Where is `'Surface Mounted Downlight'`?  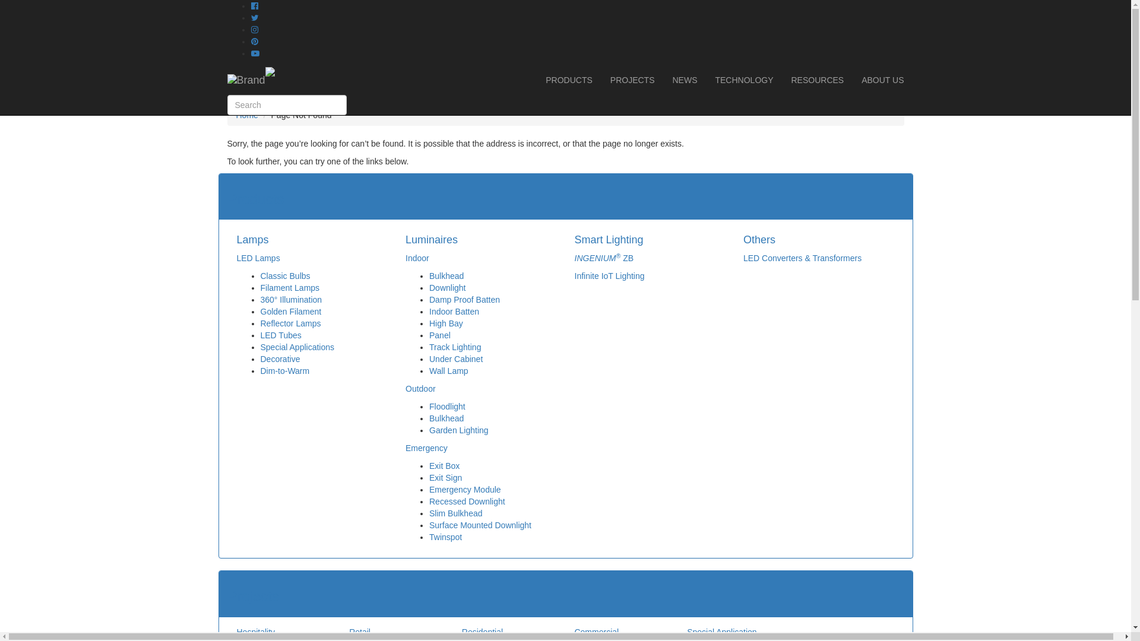 'Surface Mounted Downlight' is located at coordinates (480, 524).